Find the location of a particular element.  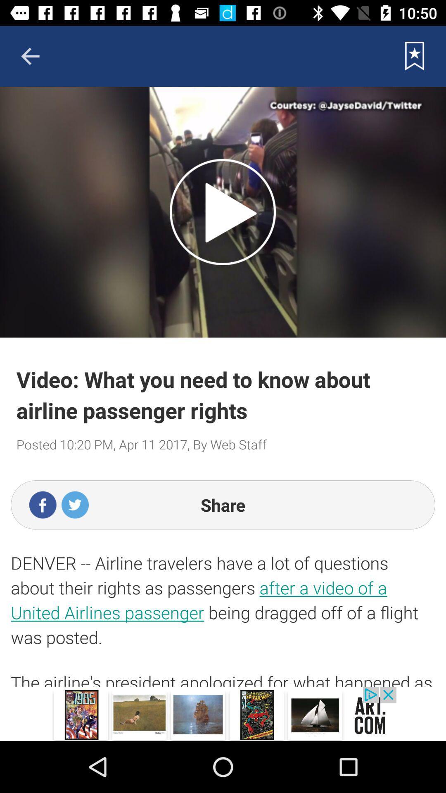

the bookmark icon is located at coordinates (415, 56).